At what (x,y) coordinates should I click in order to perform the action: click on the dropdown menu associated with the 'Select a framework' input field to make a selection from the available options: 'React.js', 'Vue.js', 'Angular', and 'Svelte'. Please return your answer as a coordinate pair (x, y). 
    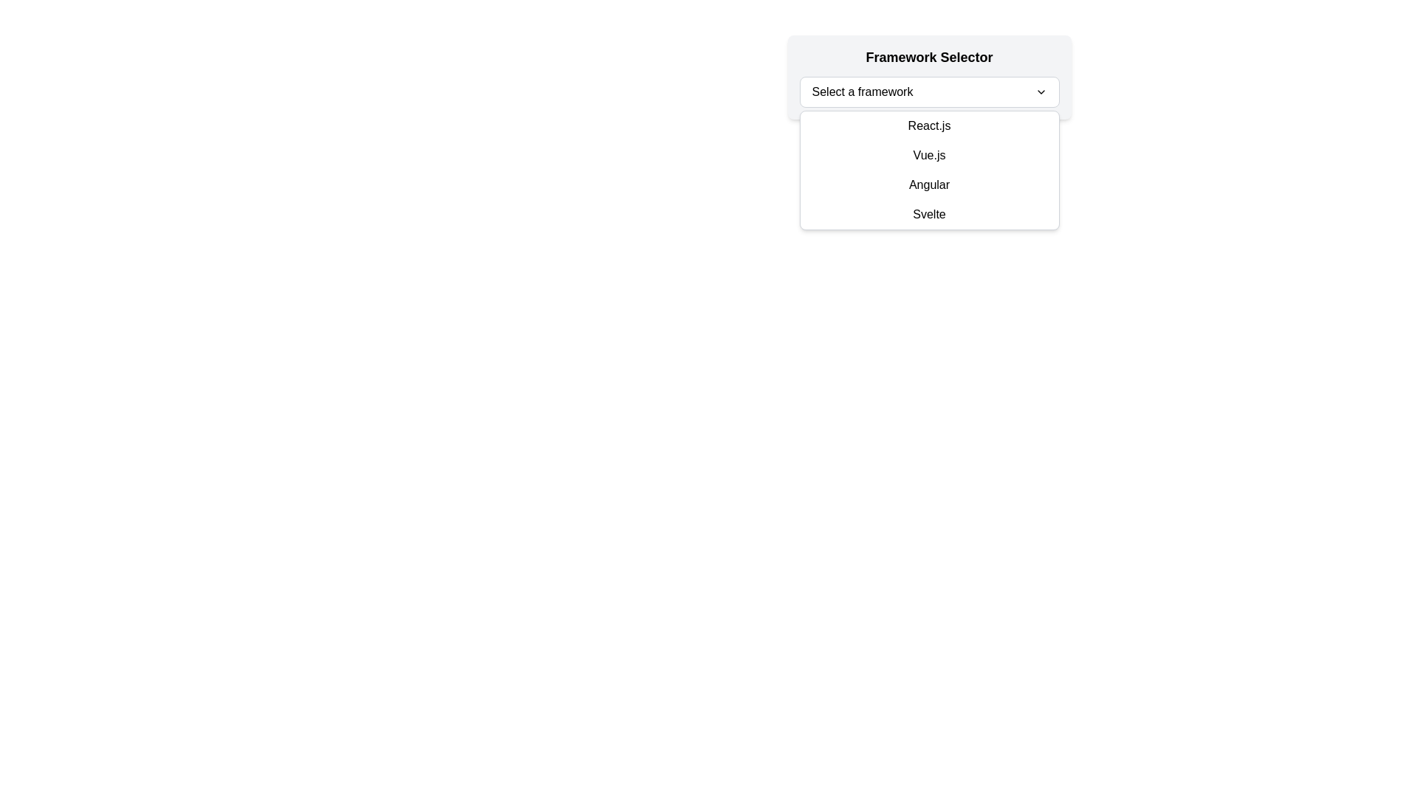
    Looking at the image, I should click on (928, 170).